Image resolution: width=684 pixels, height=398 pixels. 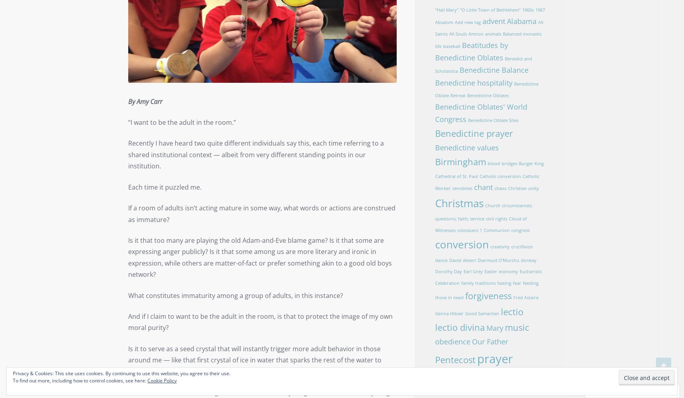 I want to click on '1960s', so click(x=527, y=10).